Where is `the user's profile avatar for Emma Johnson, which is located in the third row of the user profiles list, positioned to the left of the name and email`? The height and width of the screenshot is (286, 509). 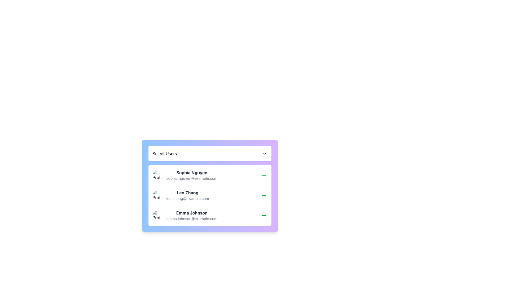 the user's profile avatar for Emma Johnson, which is located in the third row of the user profiles list, positioned to the left of the name and email is located at coordinates (157, 215).